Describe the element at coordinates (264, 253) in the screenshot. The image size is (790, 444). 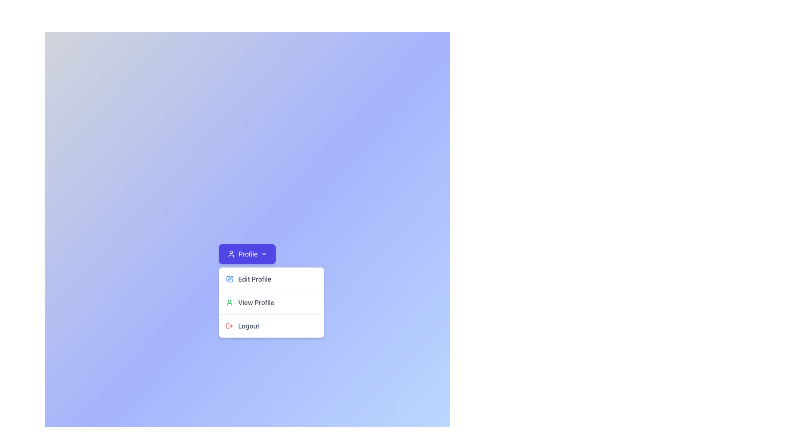
I see `the downward-pointing chevron icon next to the 'Profile' button` at that location.